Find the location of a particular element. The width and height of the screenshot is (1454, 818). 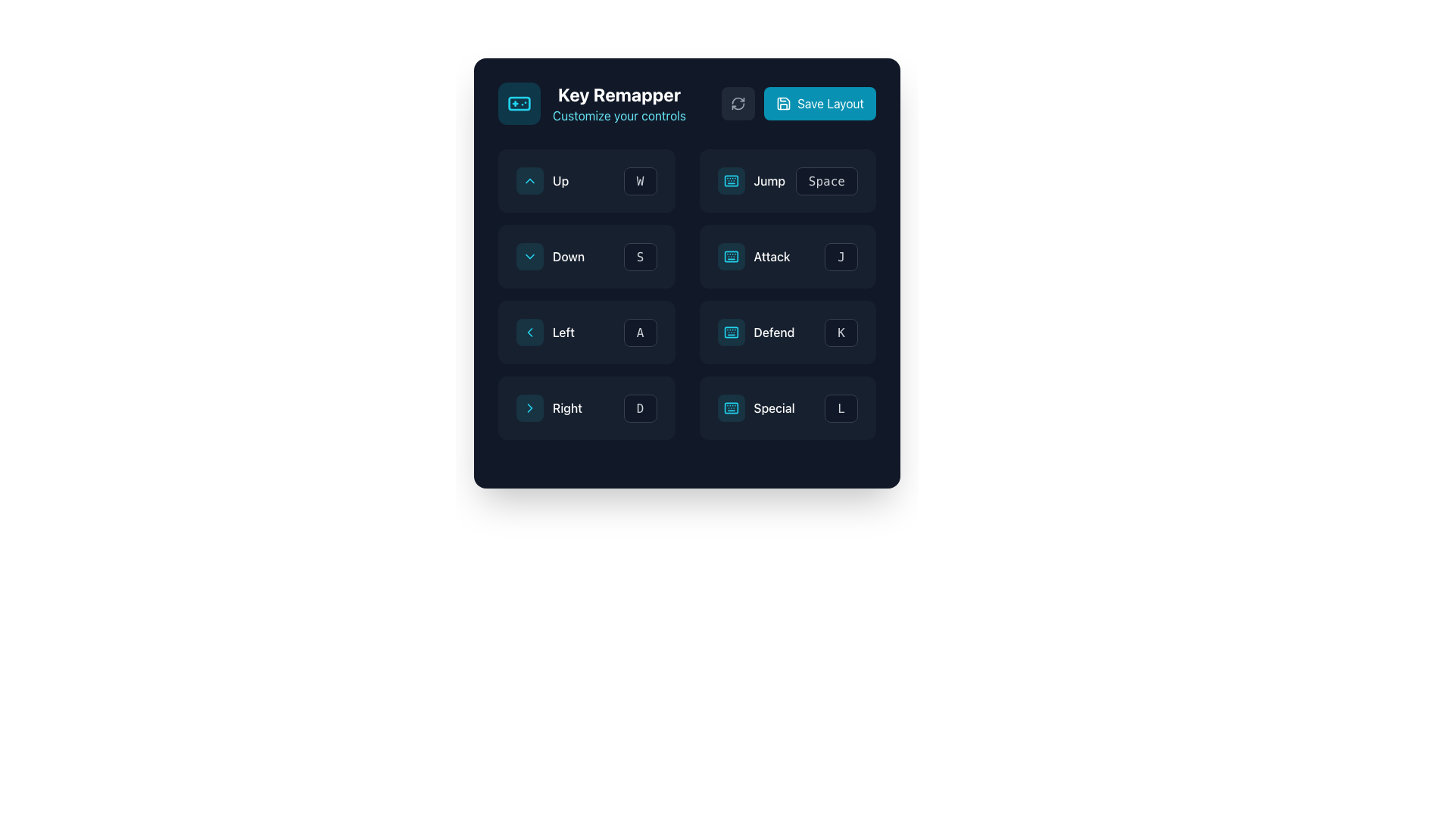

the 'Defend' button, which is the fourth button in the last row of the grid layout, positioned on the right side and adjacent to the 'Defend' label is located at coordinates (841, 332).